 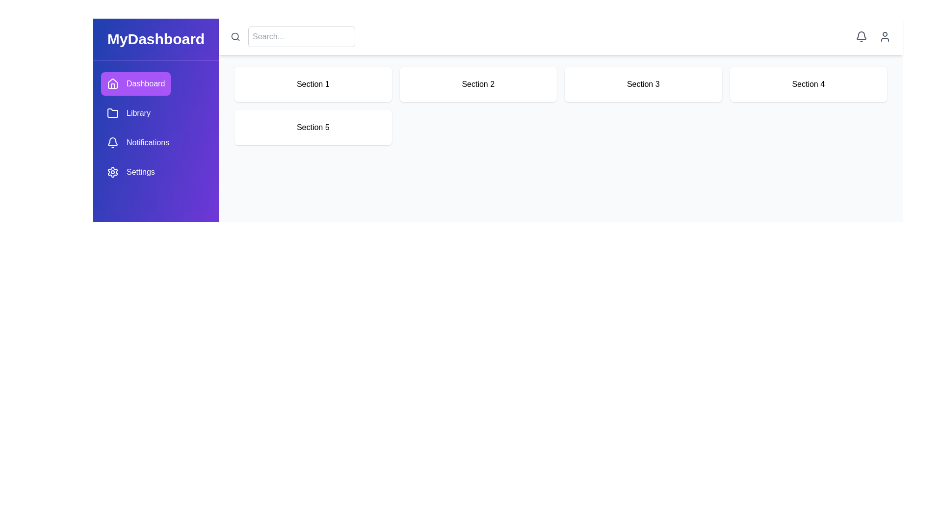 I want to click on the rectangular card labeled 'Section 1' with a white background, located in the top-left corner of the grid layout, so click(x=313, y=84).